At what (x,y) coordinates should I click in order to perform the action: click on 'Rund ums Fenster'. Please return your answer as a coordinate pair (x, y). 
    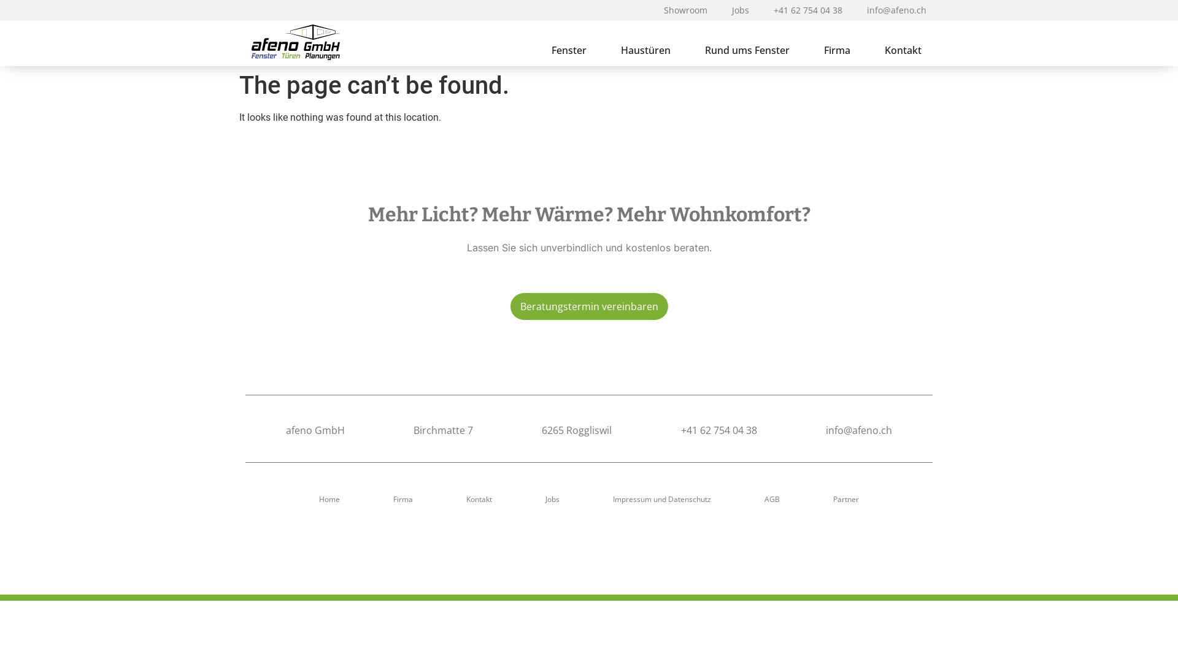
    Looking at the image, I should click on (747, 49).